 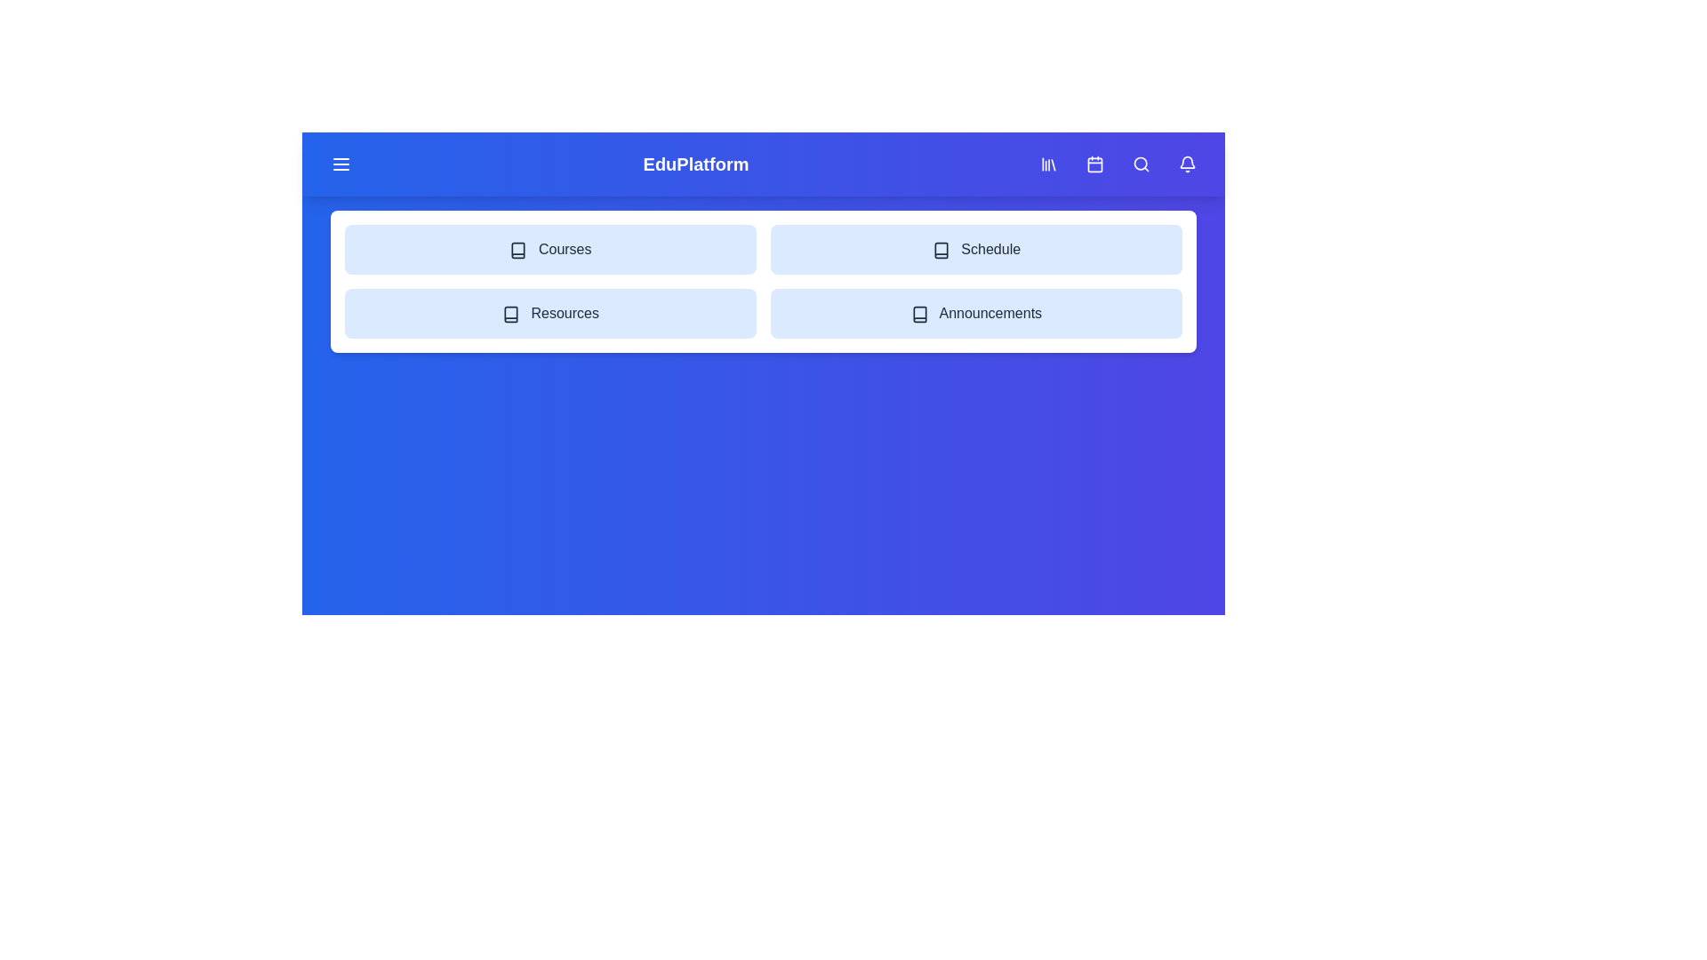 I want to click on the 'Search' icon button to activate the search functionality, so click(x=1141, y=164).